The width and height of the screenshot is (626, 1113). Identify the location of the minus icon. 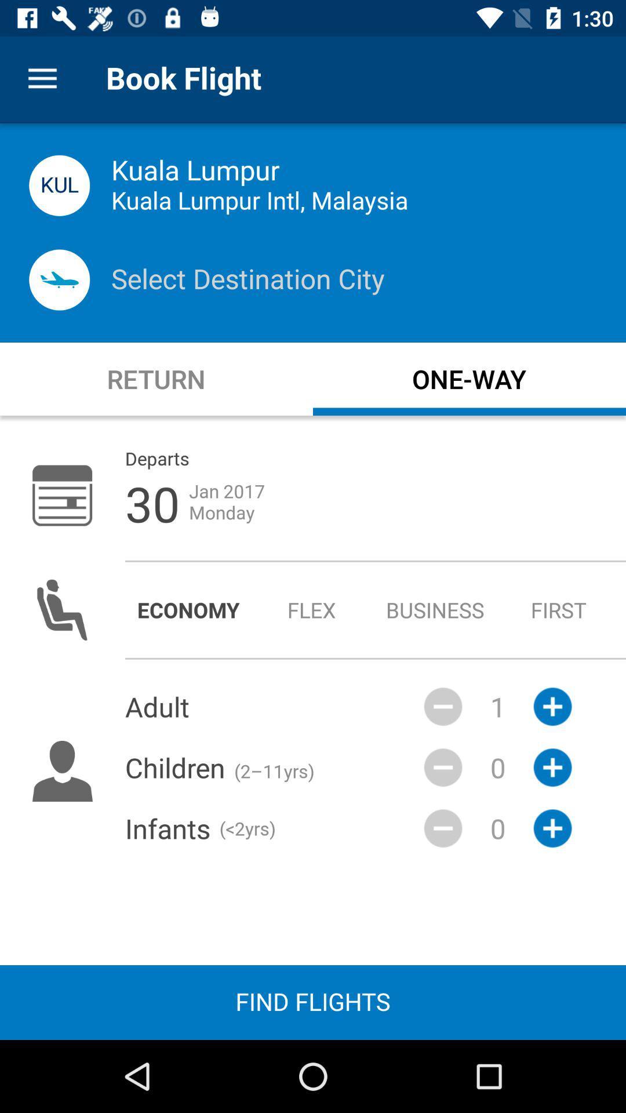
(443, 828).